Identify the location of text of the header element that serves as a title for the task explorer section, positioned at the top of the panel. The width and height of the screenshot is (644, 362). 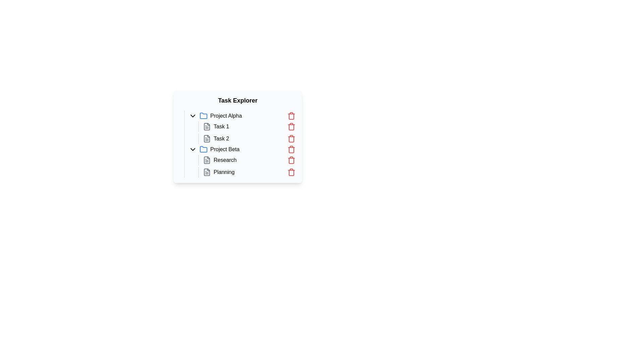
(238, 101).